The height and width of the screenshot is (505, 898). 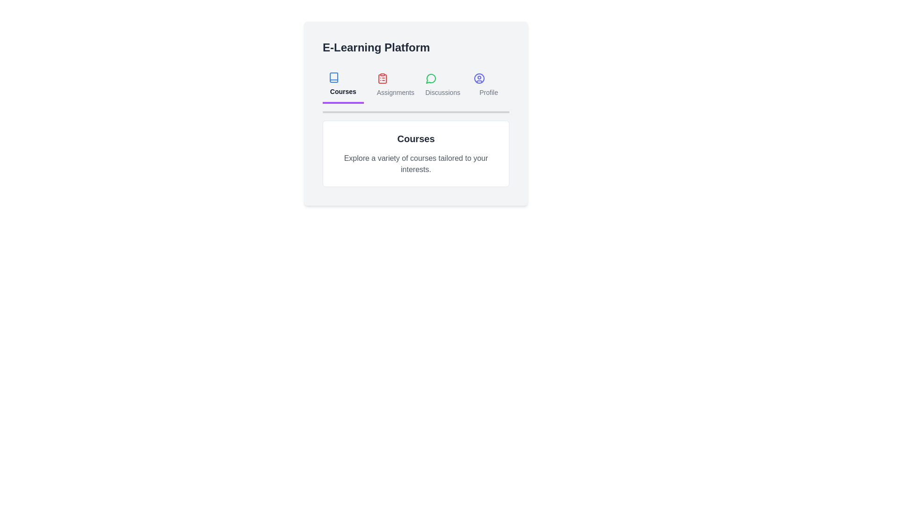 What do you see at coordinates (342, 85) in the screenshot?
I see `the Courses tab to view its content` at bounding box center [342, 85].